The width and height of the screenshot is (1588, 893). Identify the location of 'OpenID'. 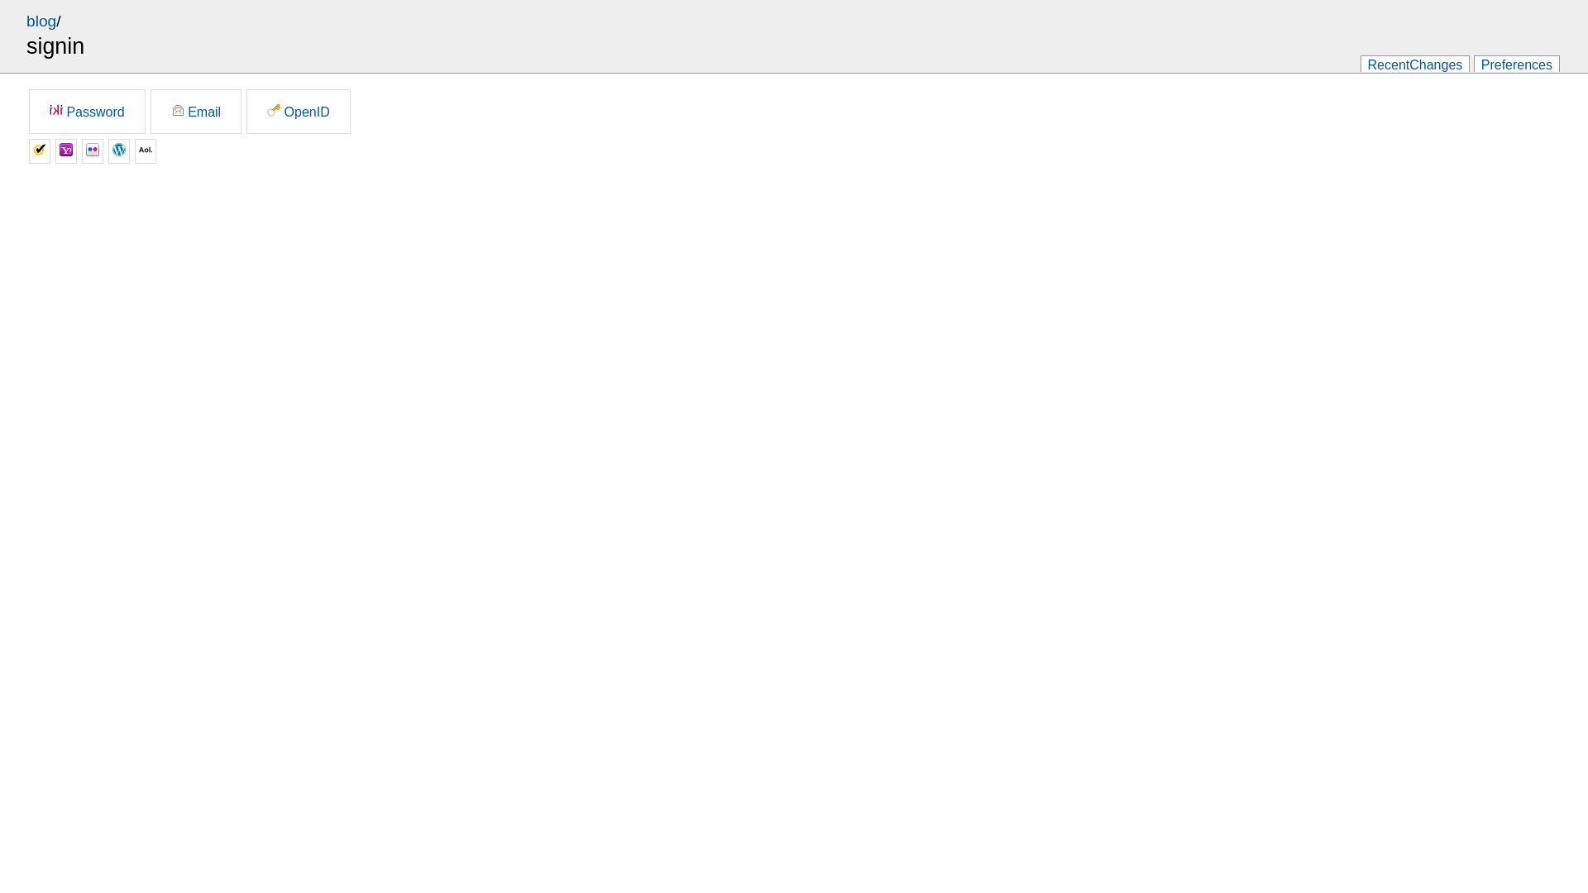
(245, 112).